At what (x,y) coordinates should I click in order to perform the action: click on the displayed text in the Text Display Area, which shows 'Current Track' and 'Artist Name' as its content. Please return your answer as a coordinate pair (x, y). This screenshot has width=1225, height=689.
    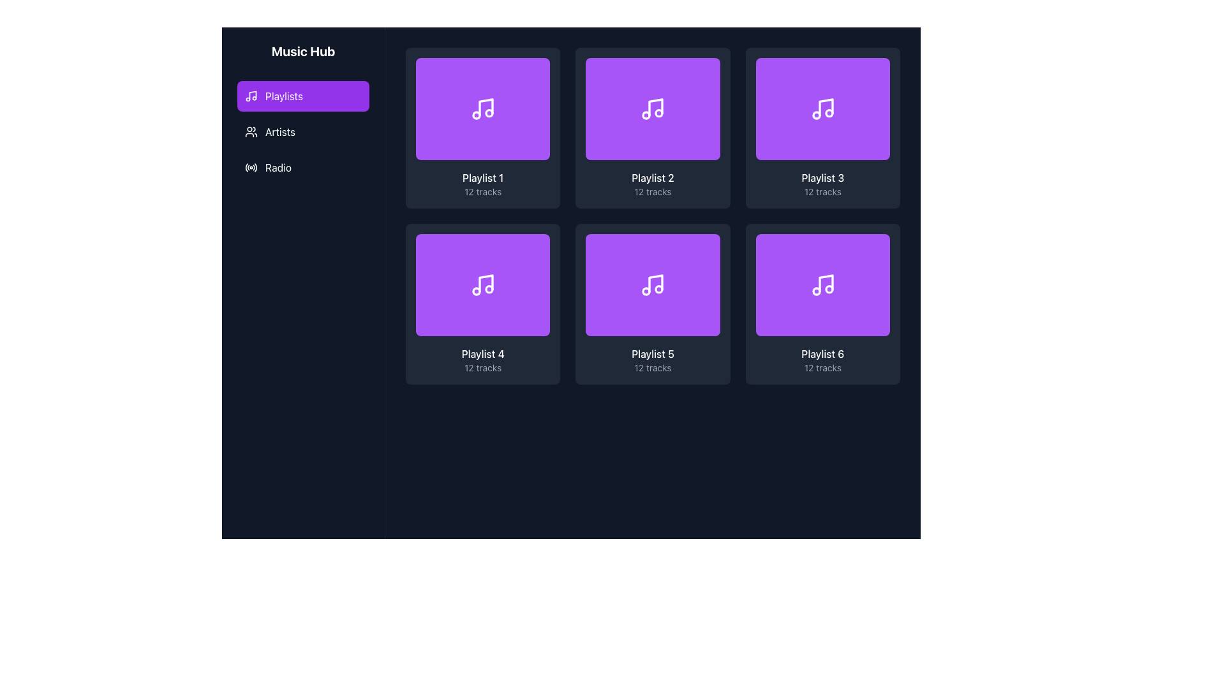
    Looking at the image, I should click on (274, 646).